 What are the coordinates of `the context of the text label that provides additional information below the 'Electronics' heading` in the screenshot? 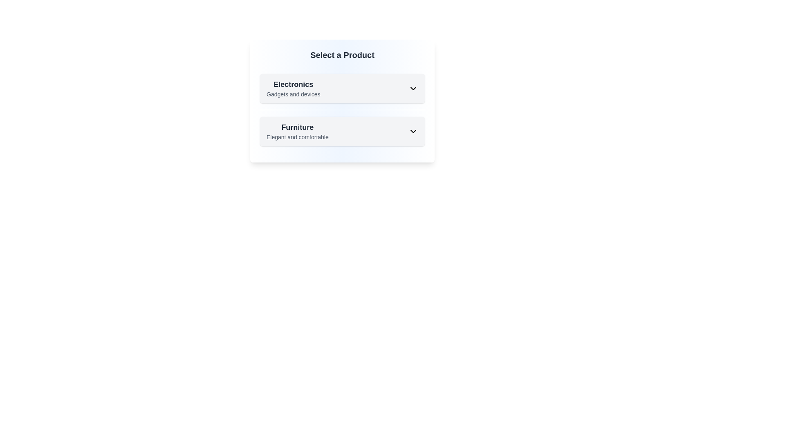 It's located at (293, 94).